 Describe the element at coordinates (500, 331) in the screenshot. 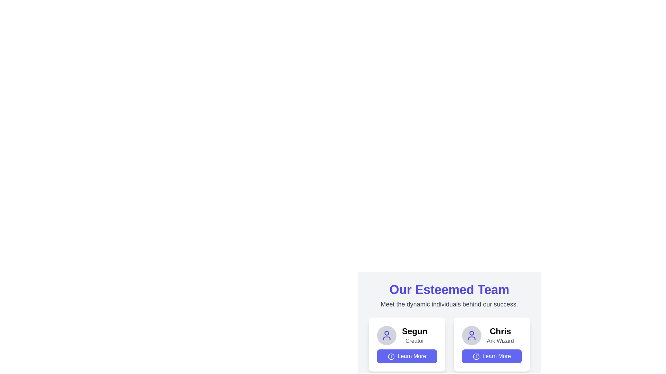

I see `the static text label that identifies a team member, positioned in the second card of the team member section, above 'Ark Wizard' and to the right of 'Segun'` at that location.